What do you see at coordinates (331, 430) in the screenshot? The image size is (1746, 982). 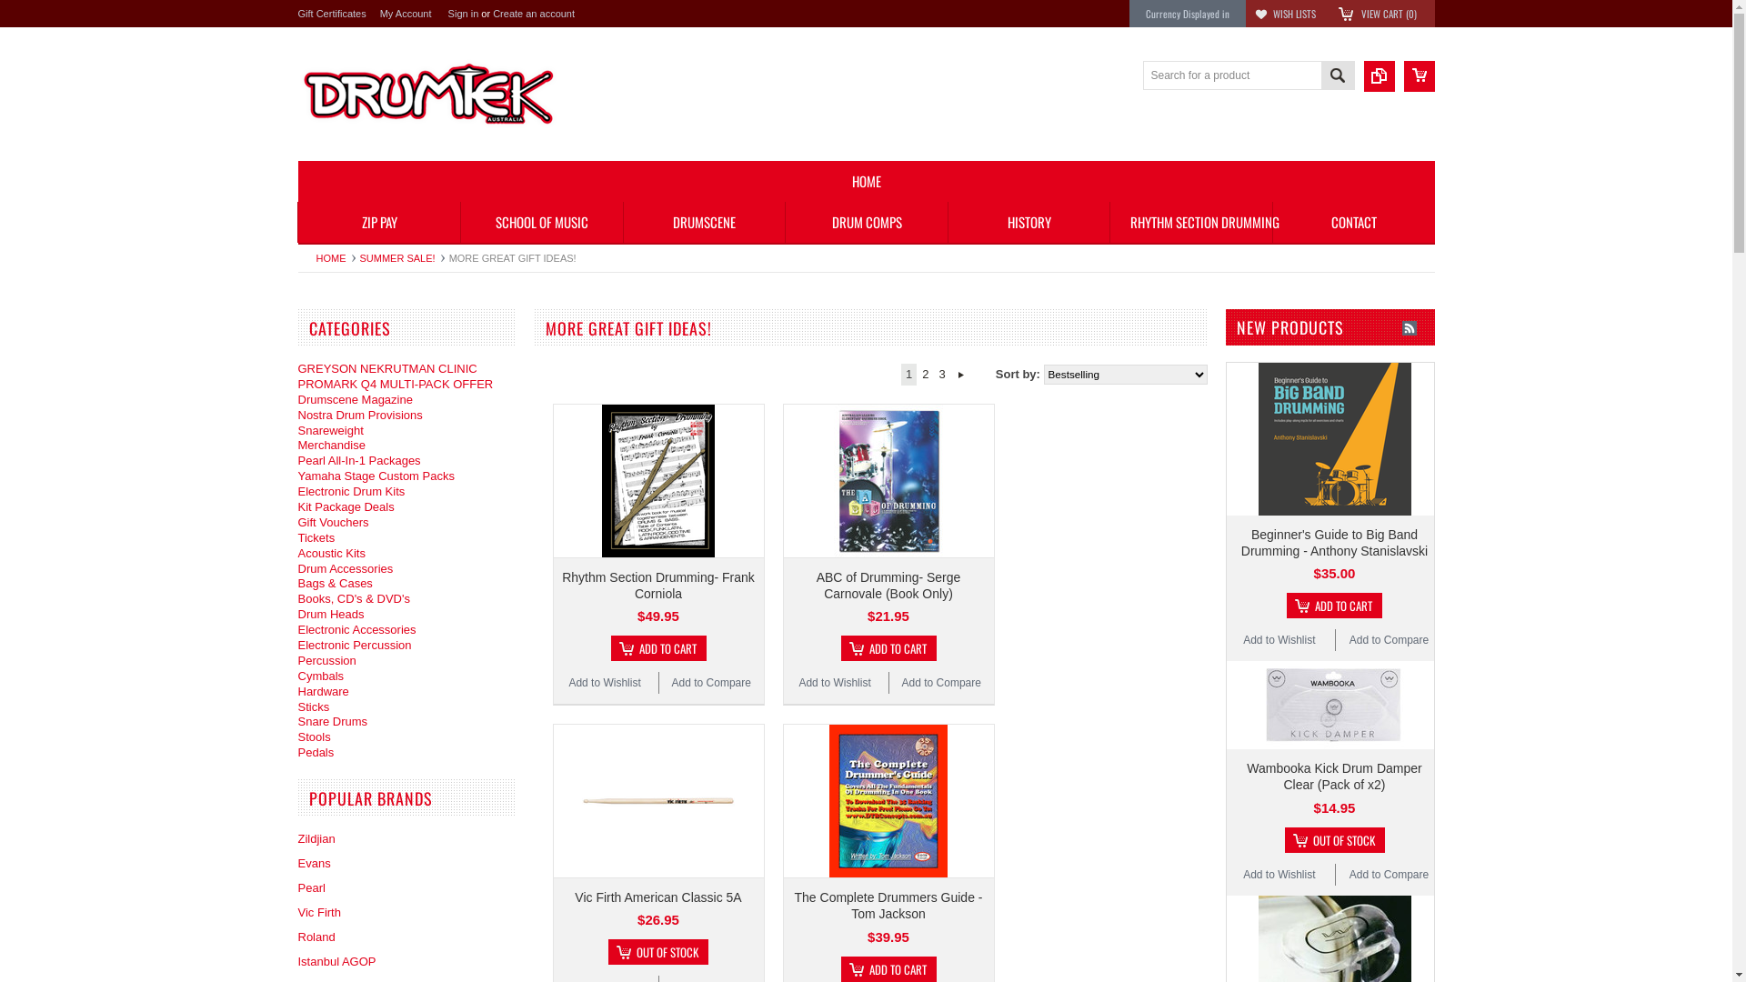 I see `'Snareweight'` at bounding box center [331, 430].